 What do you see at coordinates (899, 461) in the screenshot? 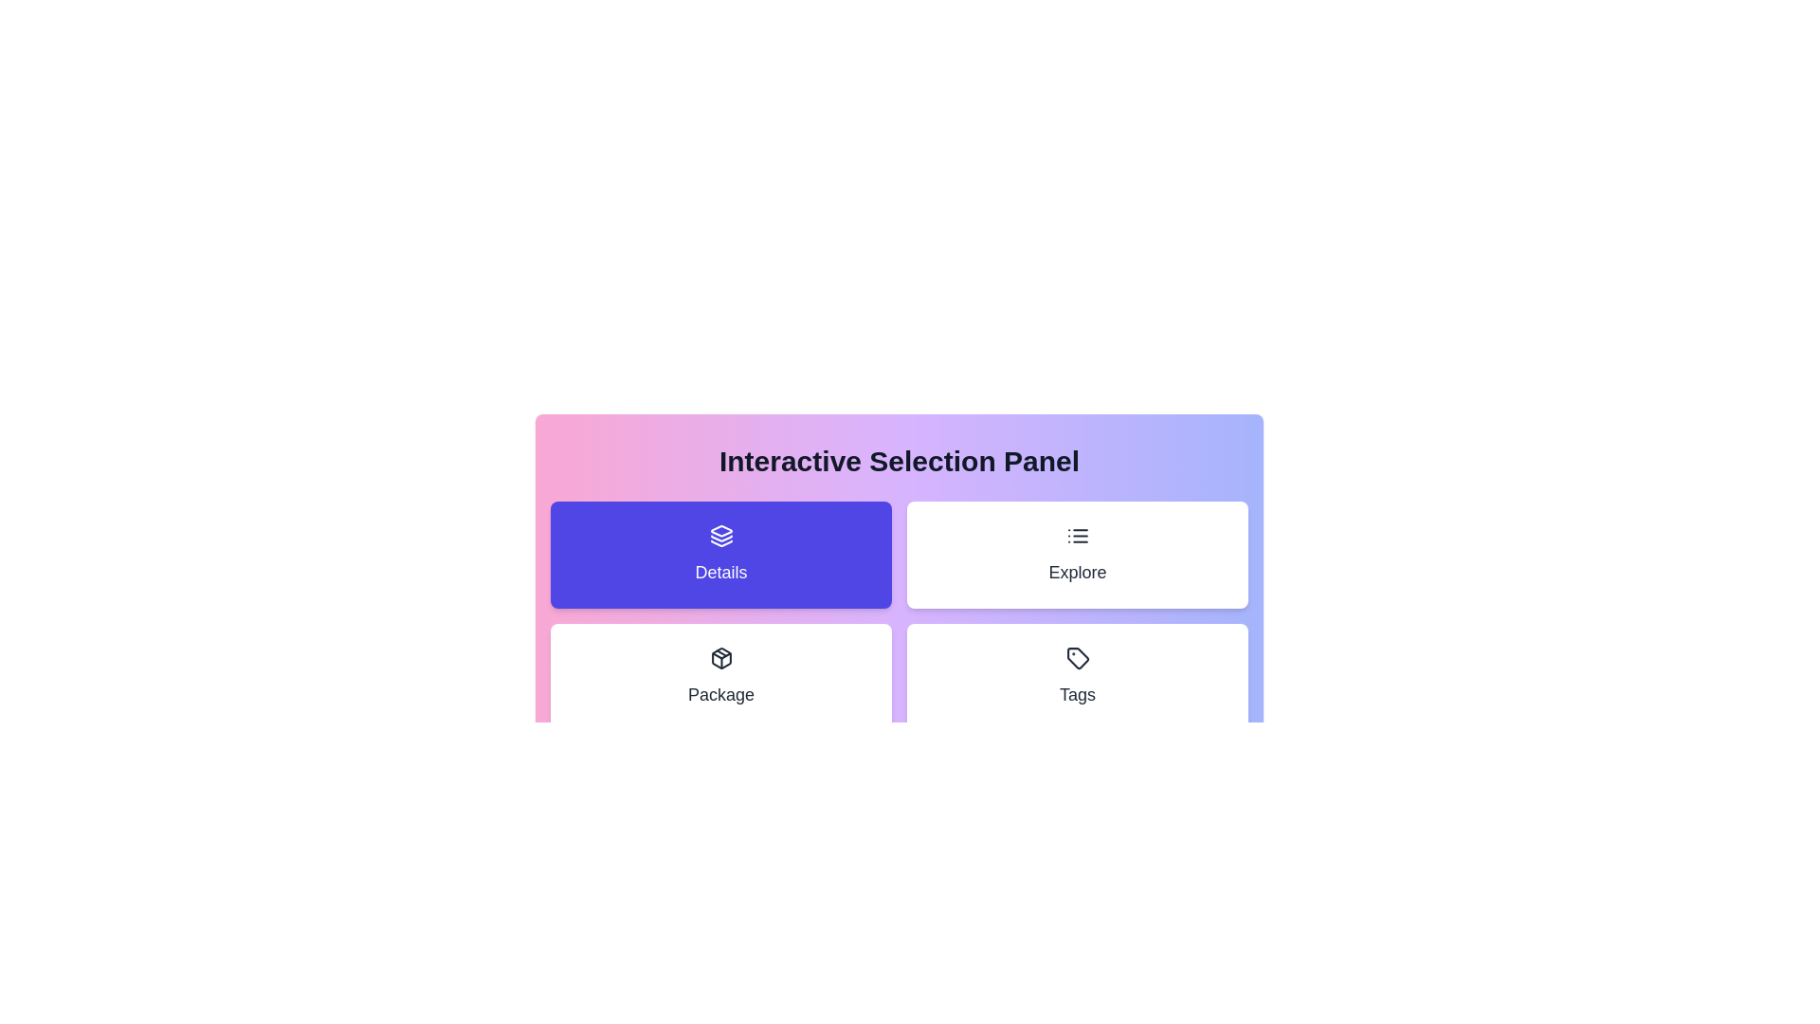
I see `the Text Header that reads 'Interactive Selection Panel', which is styled with a bold font and positioned at the top center of a gradient background panel` at bounding box center [899, 461].